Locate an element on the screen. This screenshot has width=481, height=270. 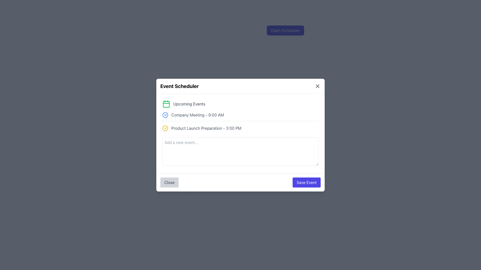
the 'X' close button in the top-right corner of the 'Event Scheduler' dialog box to change its color is located at coordinates (317, 86).